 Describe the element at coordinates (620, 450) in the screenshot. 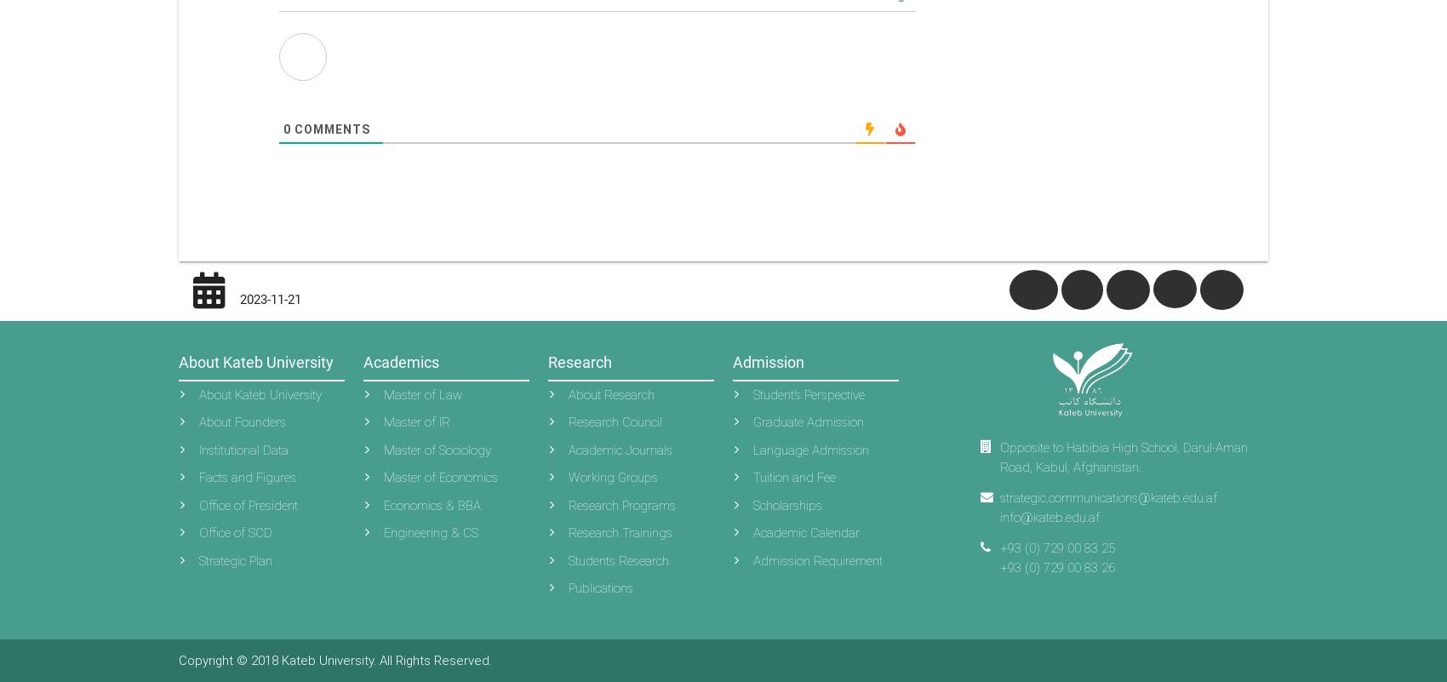

I see `'Academic Journals'` at that location.